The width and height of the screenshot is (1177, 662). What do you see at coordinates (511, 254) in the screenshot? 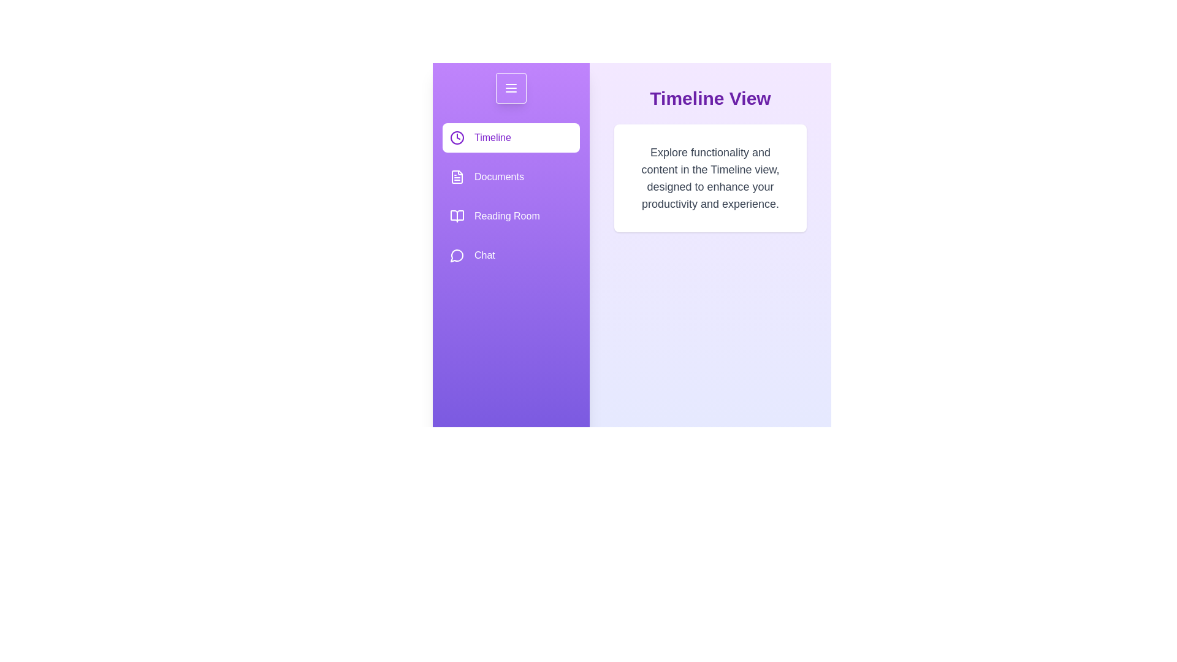
I see `the Chat option from the drawer menu` at bounding box center [511, 254].